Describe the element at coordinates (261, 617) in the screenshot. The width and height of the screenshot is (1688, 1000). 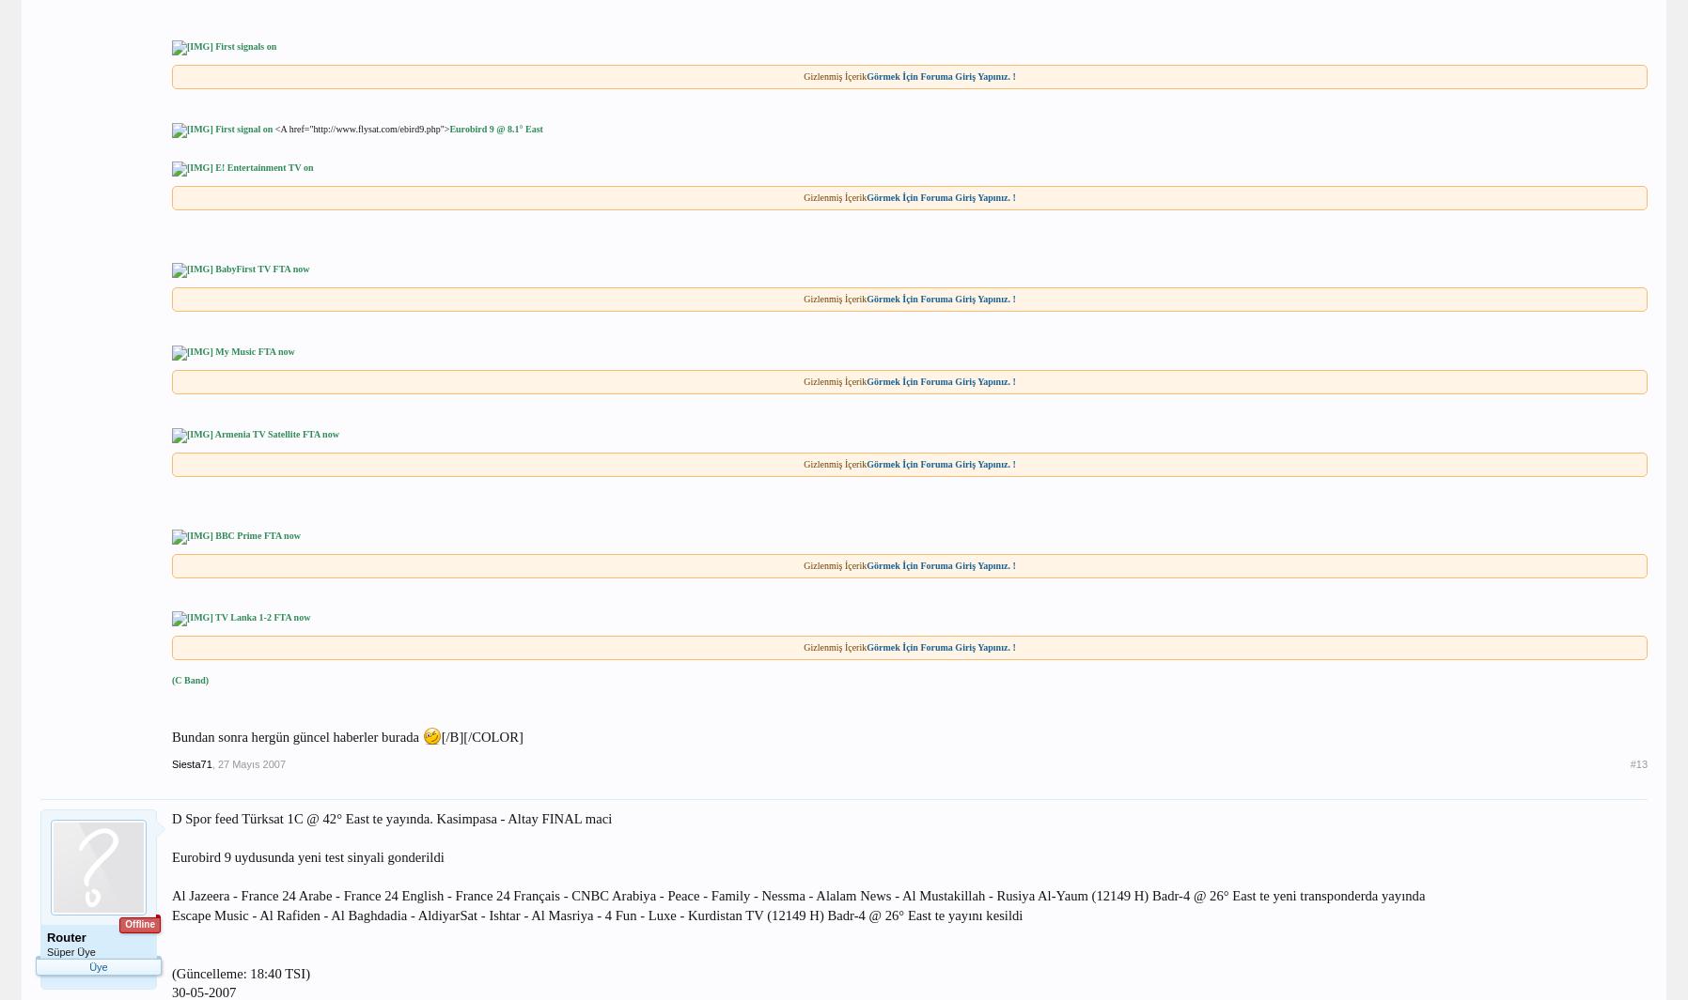
I see `'TV Lanka 1-2 FTA now'` at that location.